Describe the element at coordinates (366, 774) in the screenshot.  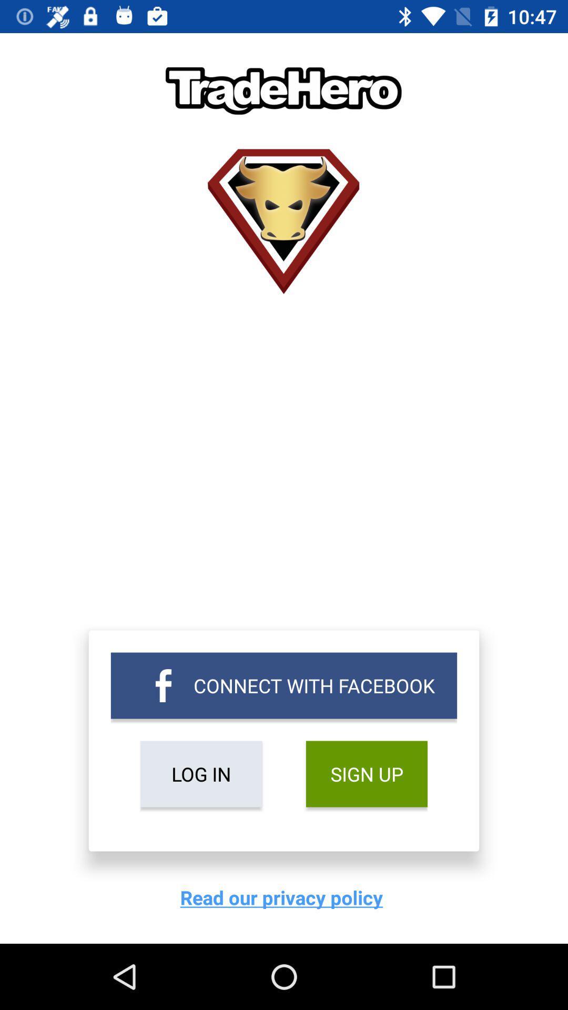
I see `the item below the connect with facebook item` at that location.